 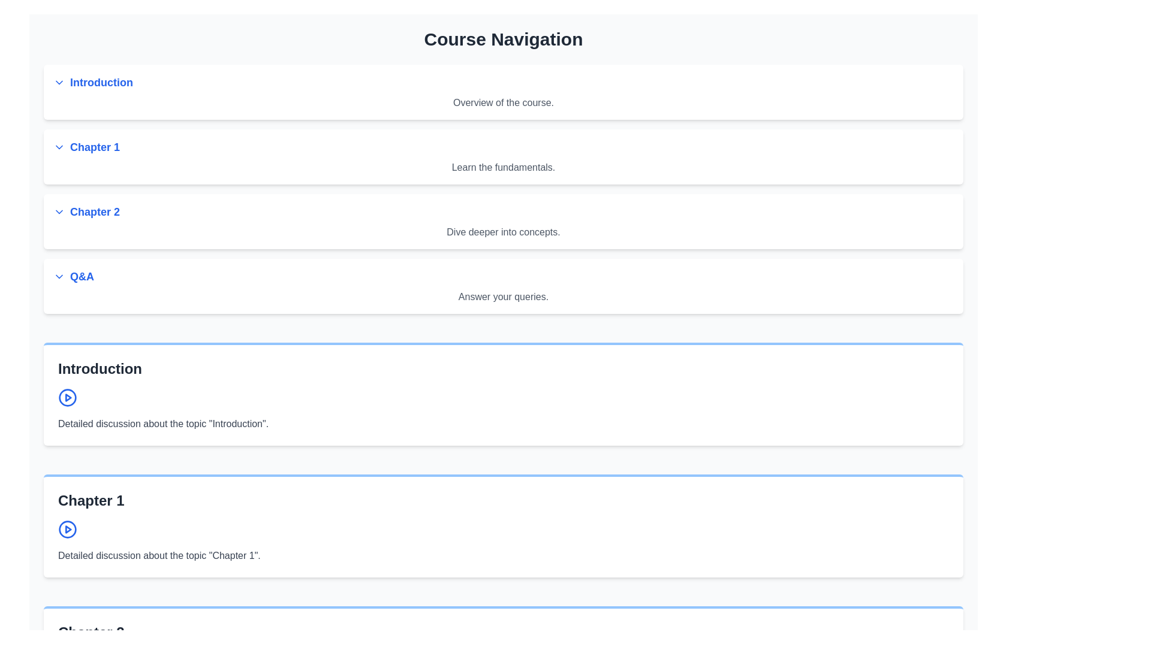 What do you see at coordinates (59, 147) in the screenshot?
I see `the small downward-pointing chevron icon adjacent to the text 'Chapter 1'` at bounding box center [59, 147].